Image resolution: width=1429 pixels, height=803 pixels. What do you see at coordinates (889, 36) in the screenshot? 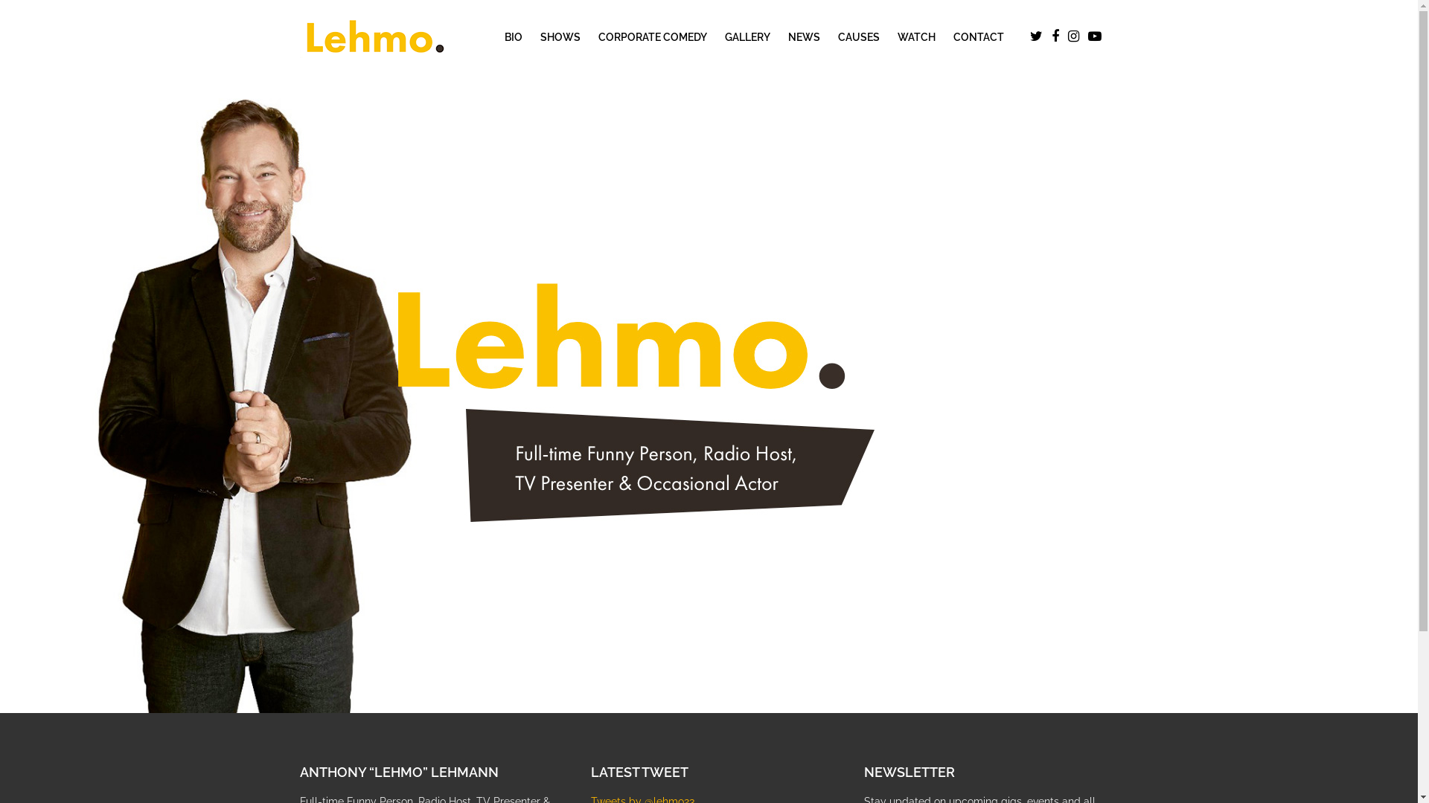
I see `'WATCH'` at bounding box center [889, 36].